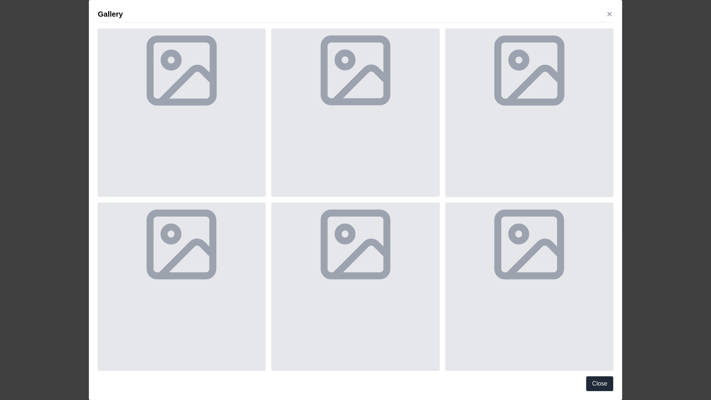 Image resolution: width=711 pixels, height=400 pixels. I want to click on the small circular feature within the bottom-left icon of the 3x2 grid layout, so click(171, 234).